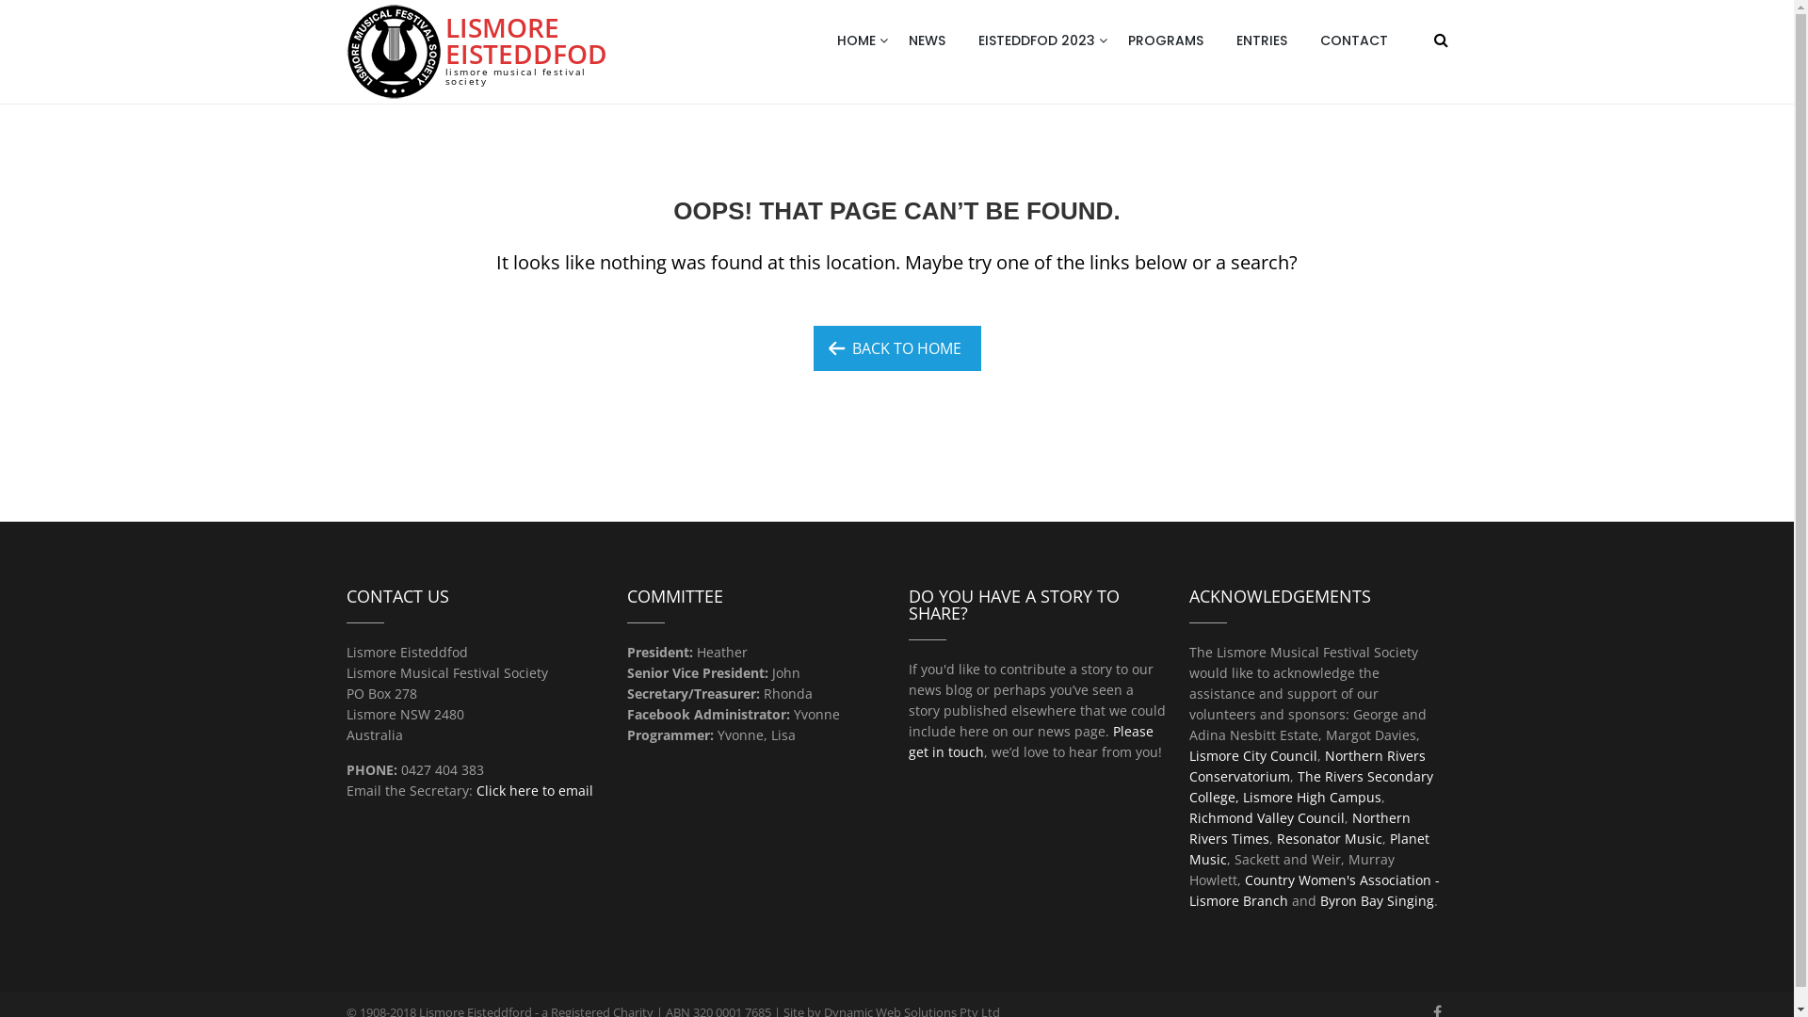 This screenshot has width=1808, height=1017. What do you see at coordinates (533, 790) in the screenshot?
I see `'Click here to email'` at bounding box center [533, 790].